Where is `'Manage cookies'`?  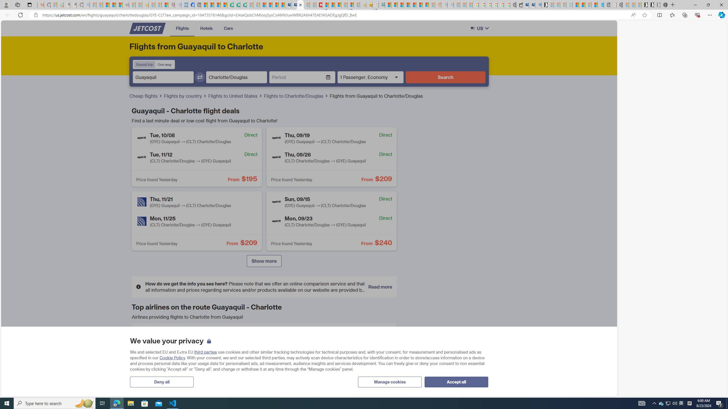 'Manage cookies' is located at coordinates (389, 382).